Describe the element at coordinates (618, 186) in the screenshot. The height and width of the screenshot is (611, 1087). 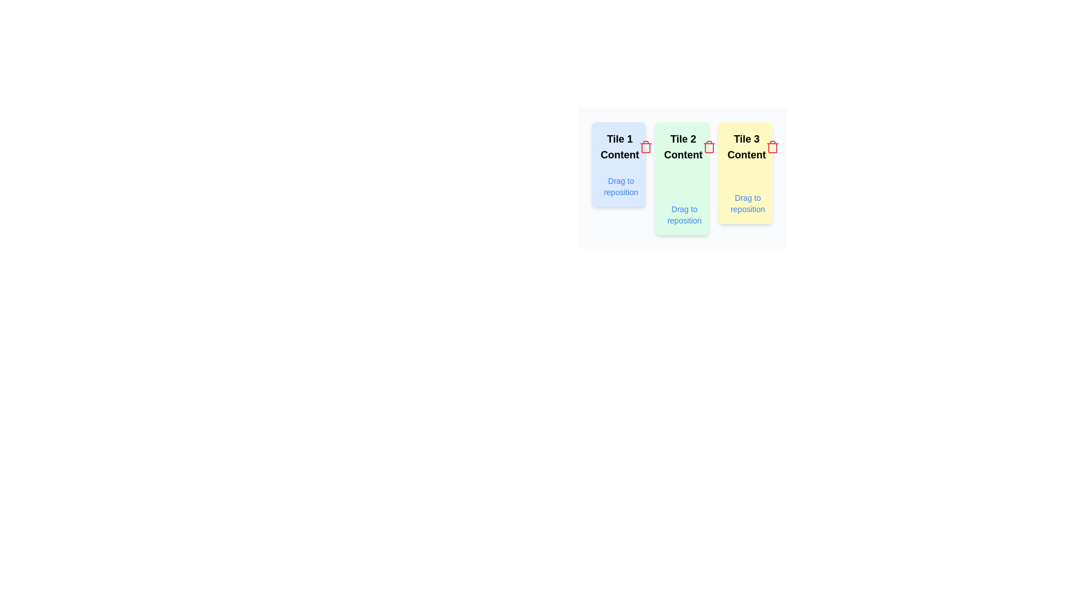
I see `the draggable handle located beneath 'Tile 1 Content'` at that location.